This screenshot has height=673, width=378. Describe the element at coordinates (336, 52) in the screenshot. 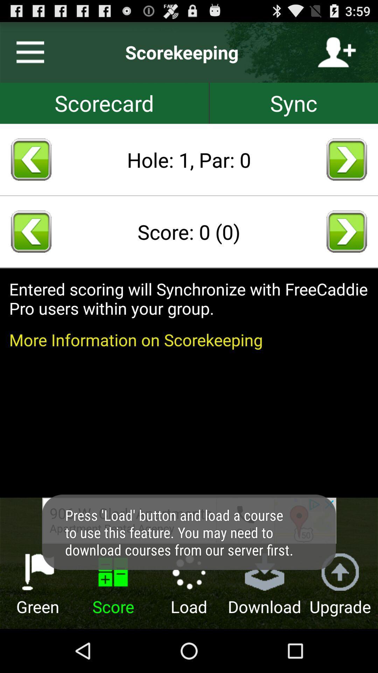

I see `contact` at that location.